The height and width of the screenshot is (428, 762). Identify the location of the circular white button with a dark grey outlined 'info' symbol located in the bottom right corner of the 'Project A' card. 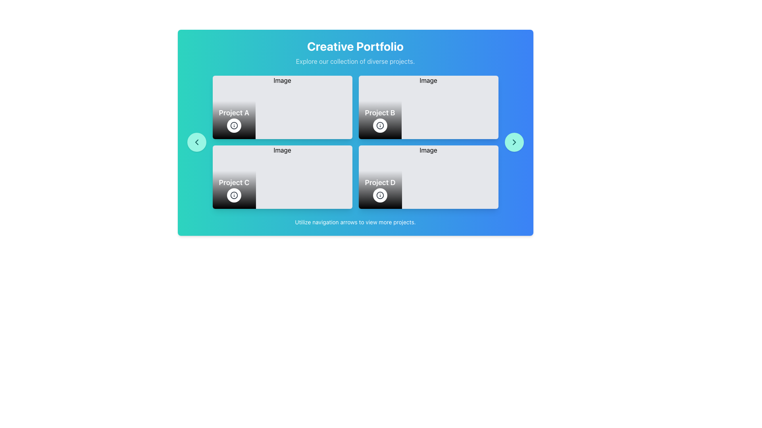
(233, 125).